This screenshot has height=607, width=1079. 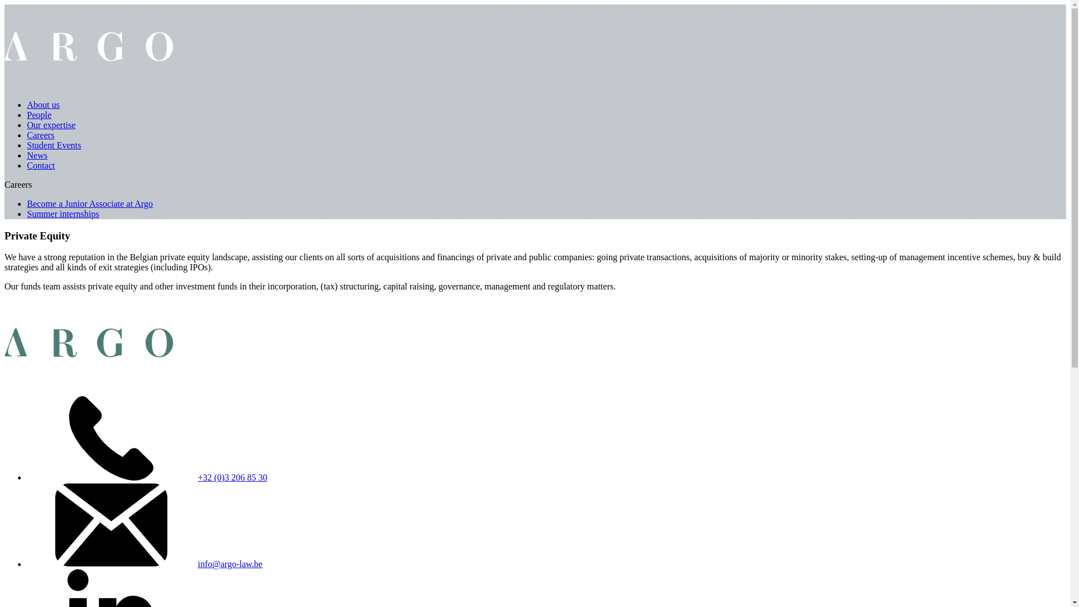 What do you see at coordinates (27, 144) in the screenshot?
I see `'Student Events'` at bounding box center [27, 144].